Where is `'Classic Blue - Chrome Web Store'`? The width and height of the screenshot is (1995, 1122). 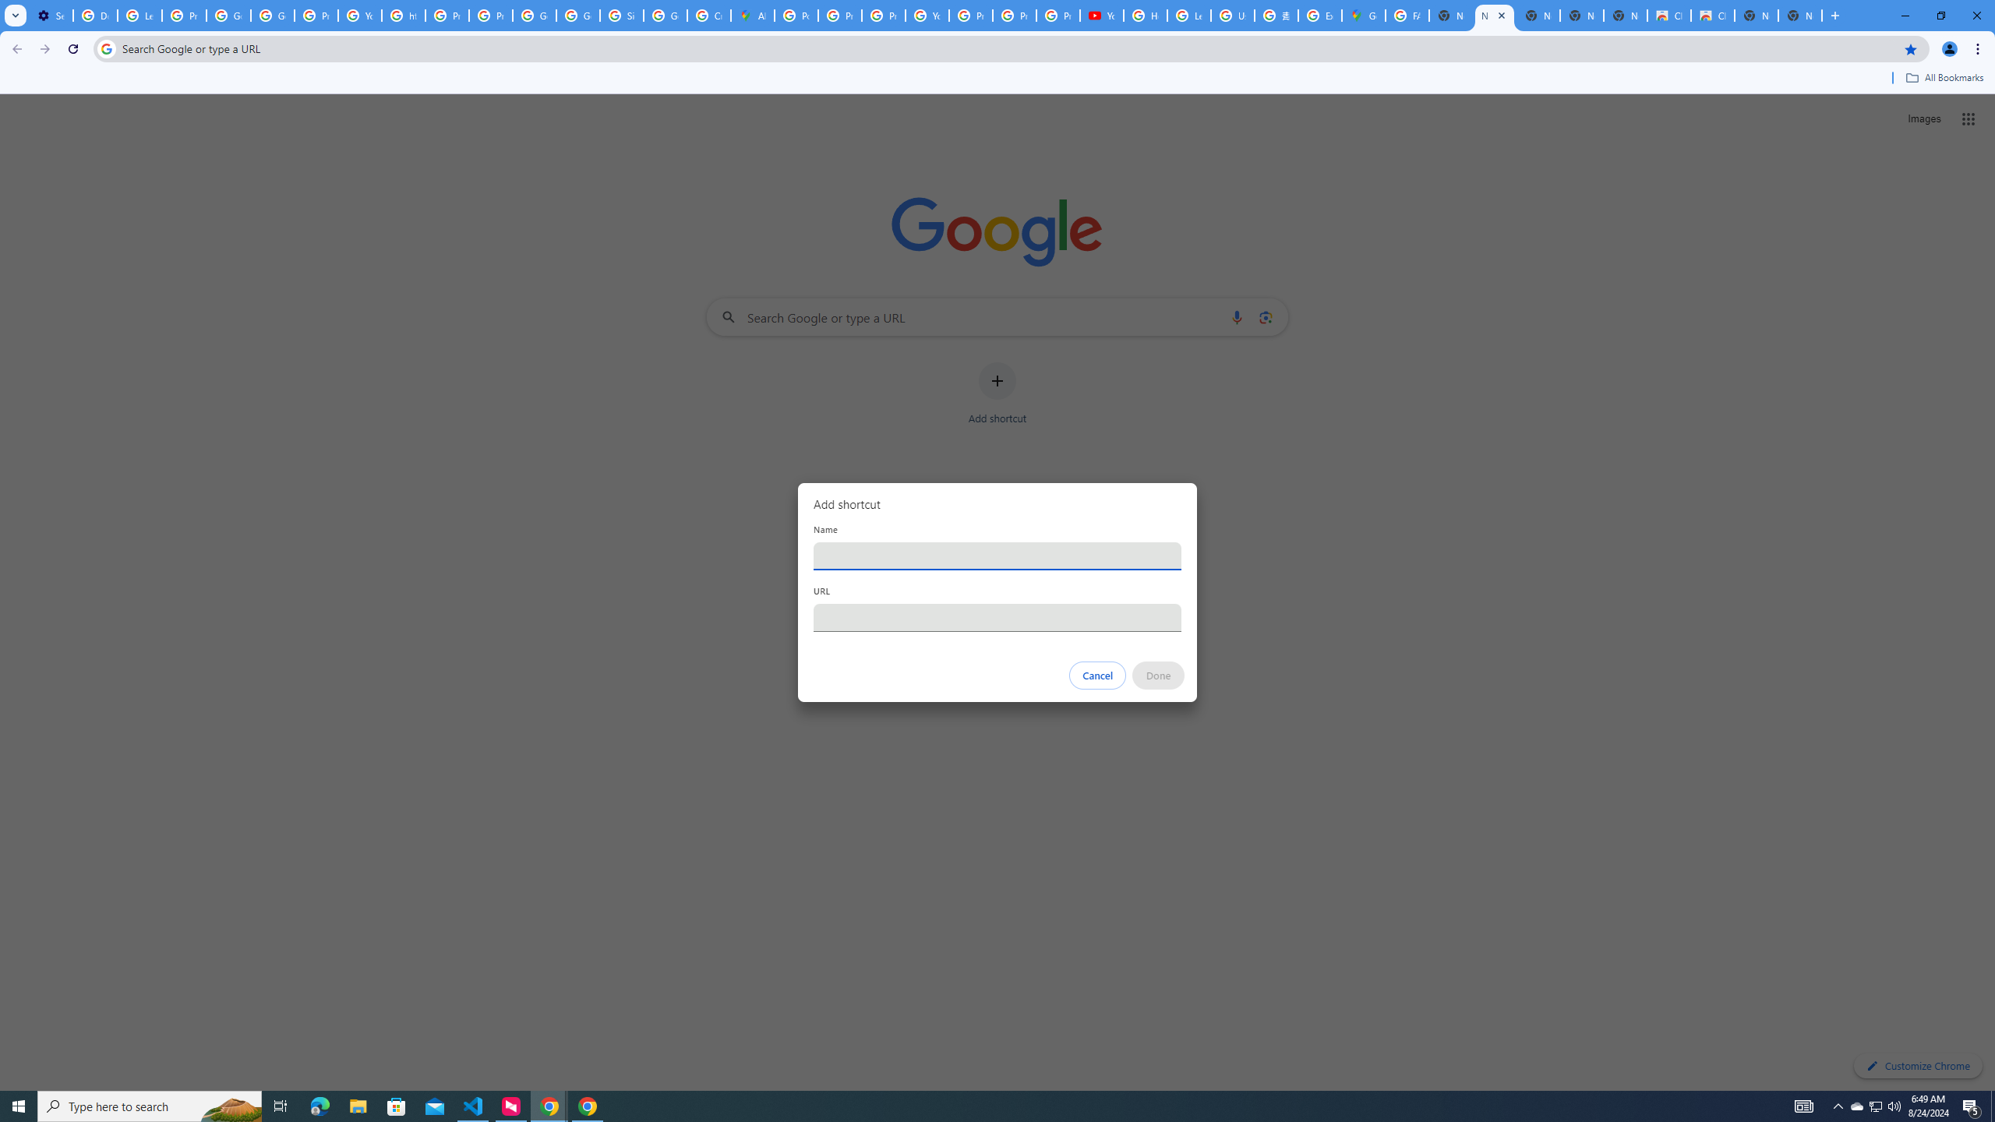 'Classic Blue - Chrome Web Store' is located at coordinates (1712, 15).